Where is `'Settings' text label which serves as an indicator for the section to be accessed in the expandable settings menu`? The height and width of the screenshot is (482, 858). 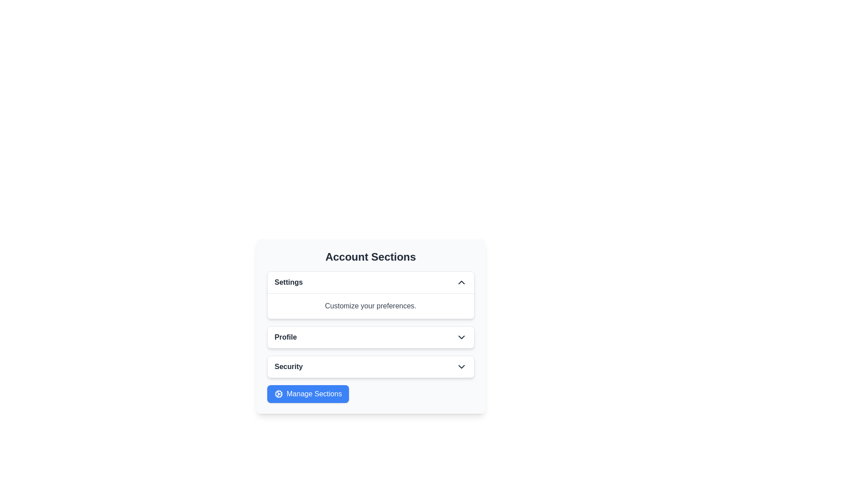
'Settings' text label which serves as an indicator for the section to be accessed in the expandable settings menu is located at coordinates (289, 282).